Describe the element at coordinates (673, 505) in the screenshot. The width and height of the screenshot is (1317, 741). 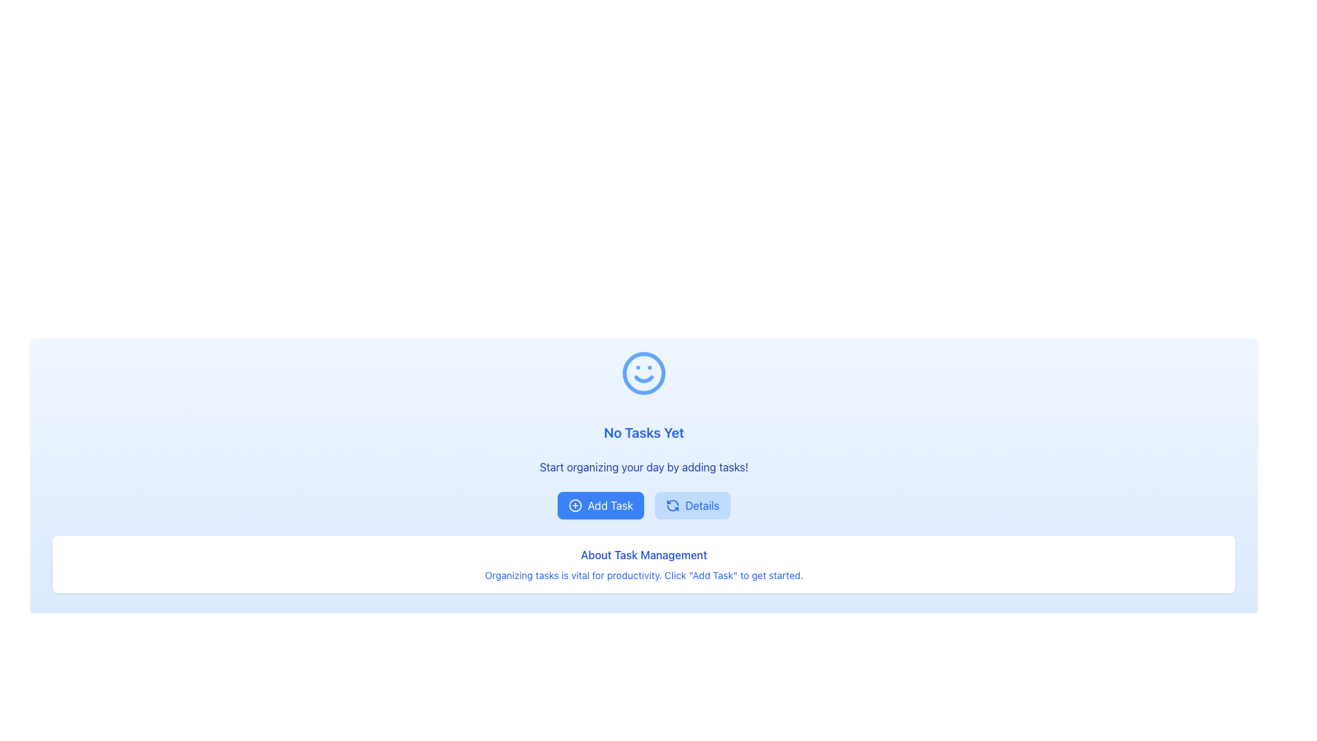
I see `the circular arrow refresh icon styled with a blue hue, located on the 'Details' button adjacent to the 'Add Task' button` at that location.